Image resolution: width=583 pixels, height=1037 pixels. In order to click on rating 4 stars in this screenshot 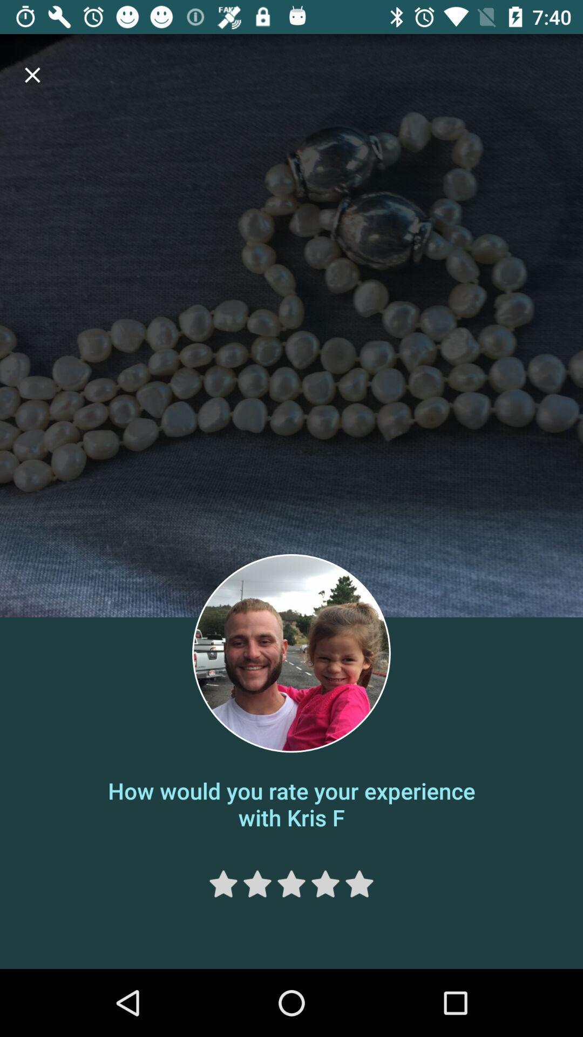, I will do `click(324, 884)`.